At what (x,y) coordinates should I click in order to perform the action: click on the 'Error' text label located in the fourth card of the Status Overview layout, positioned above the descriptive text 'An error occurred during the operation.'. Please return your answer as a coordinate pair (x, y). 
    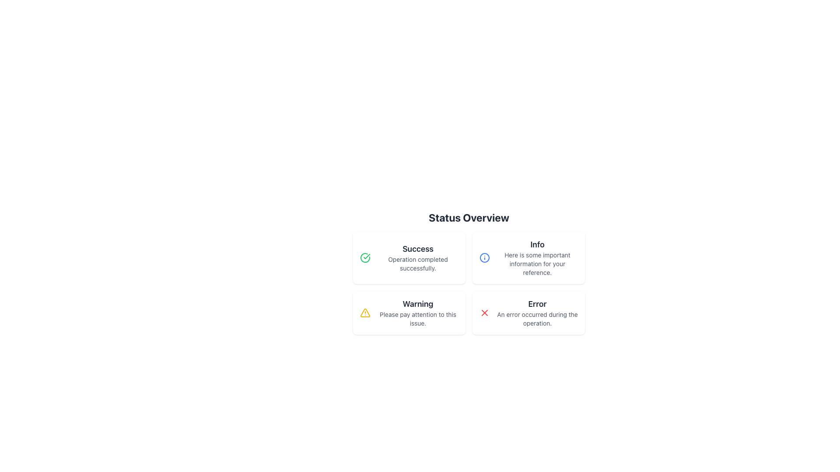
    Looking at the image, I should click on (537, 303).